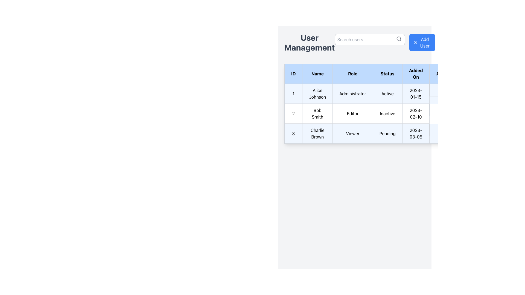 This screenshot has height=295, width=525. Describe the element at coordinates (372, 113) in the screenshot. I see `the second row in the table, which is positioned between the rows for 'Alice Johnson' and 'Charlie Brown'` at that location.